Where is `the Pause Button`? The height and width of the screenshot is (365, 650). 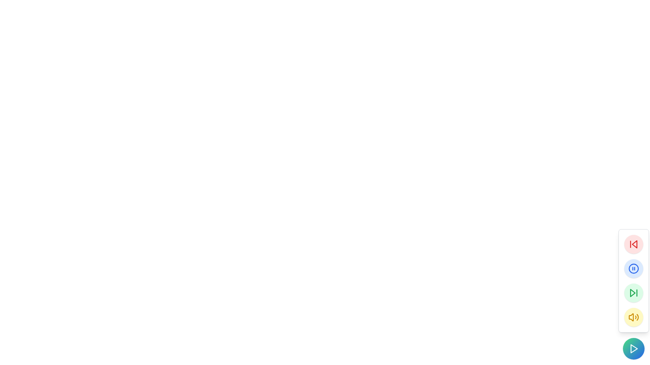
the Pause Button is located at coordinates (633, 268).